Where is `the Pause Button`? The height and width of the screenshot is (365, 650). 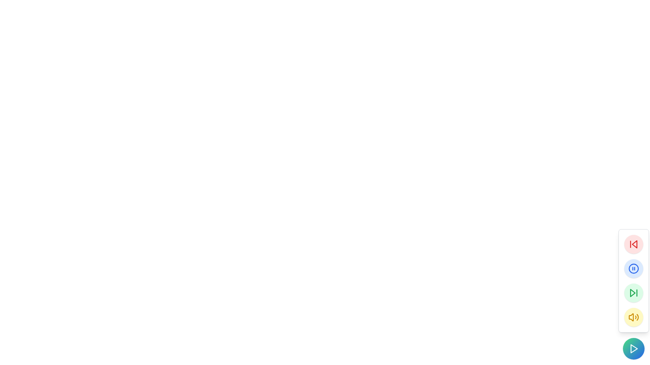
the Pause Button is located at coordinates (633, 268).